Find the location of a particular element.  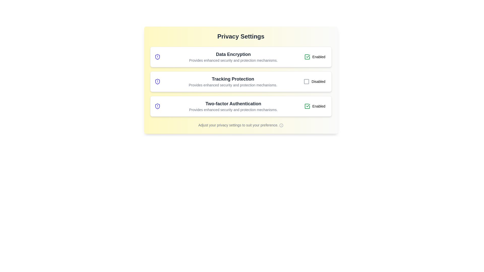

the green checkmark icon indicating a completed state in the 'Data Encryption' row of the 'Privacy Settings' panel is located at coordinates (308, 56).